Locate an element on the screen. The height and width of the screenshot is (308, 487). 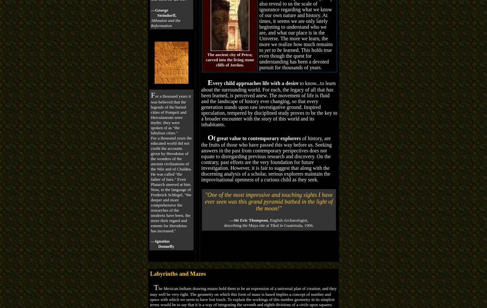
'—Ignatius        Donnelly' is located at coordinates (162, 243).